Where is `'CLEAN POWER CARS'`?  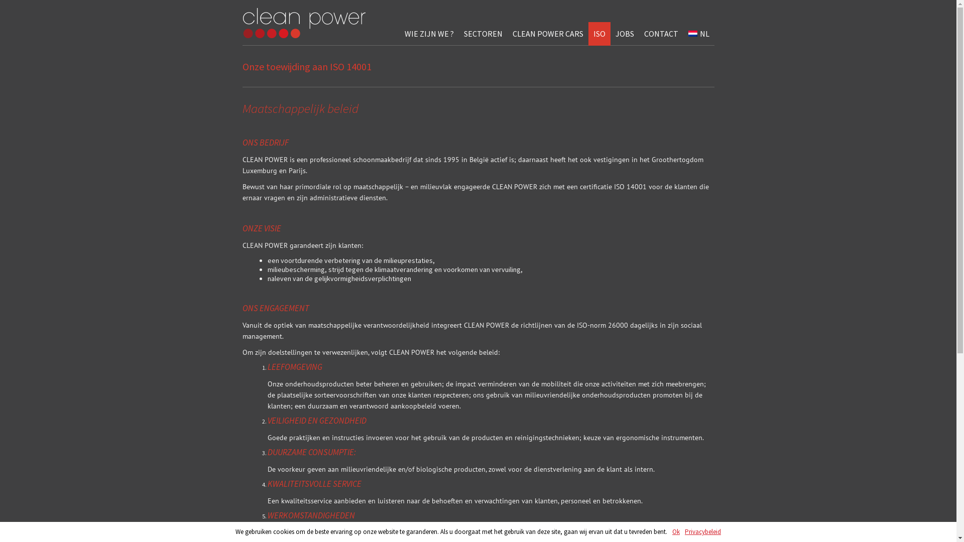 'CLEAN POWER CARS' is located at coordinates (547, 33).